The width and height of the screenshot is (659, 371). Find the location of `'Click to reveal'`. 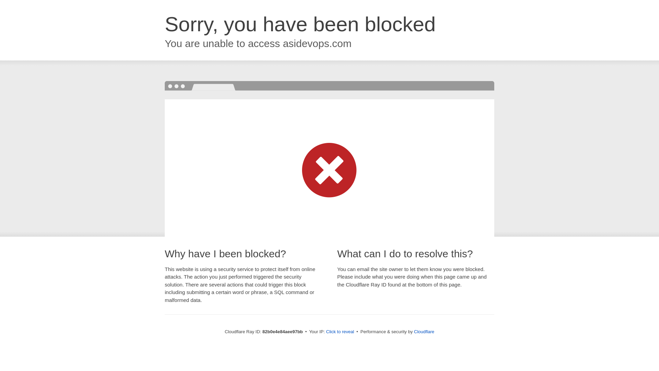

'Click to reveal' is located at coordinates (340, 331).